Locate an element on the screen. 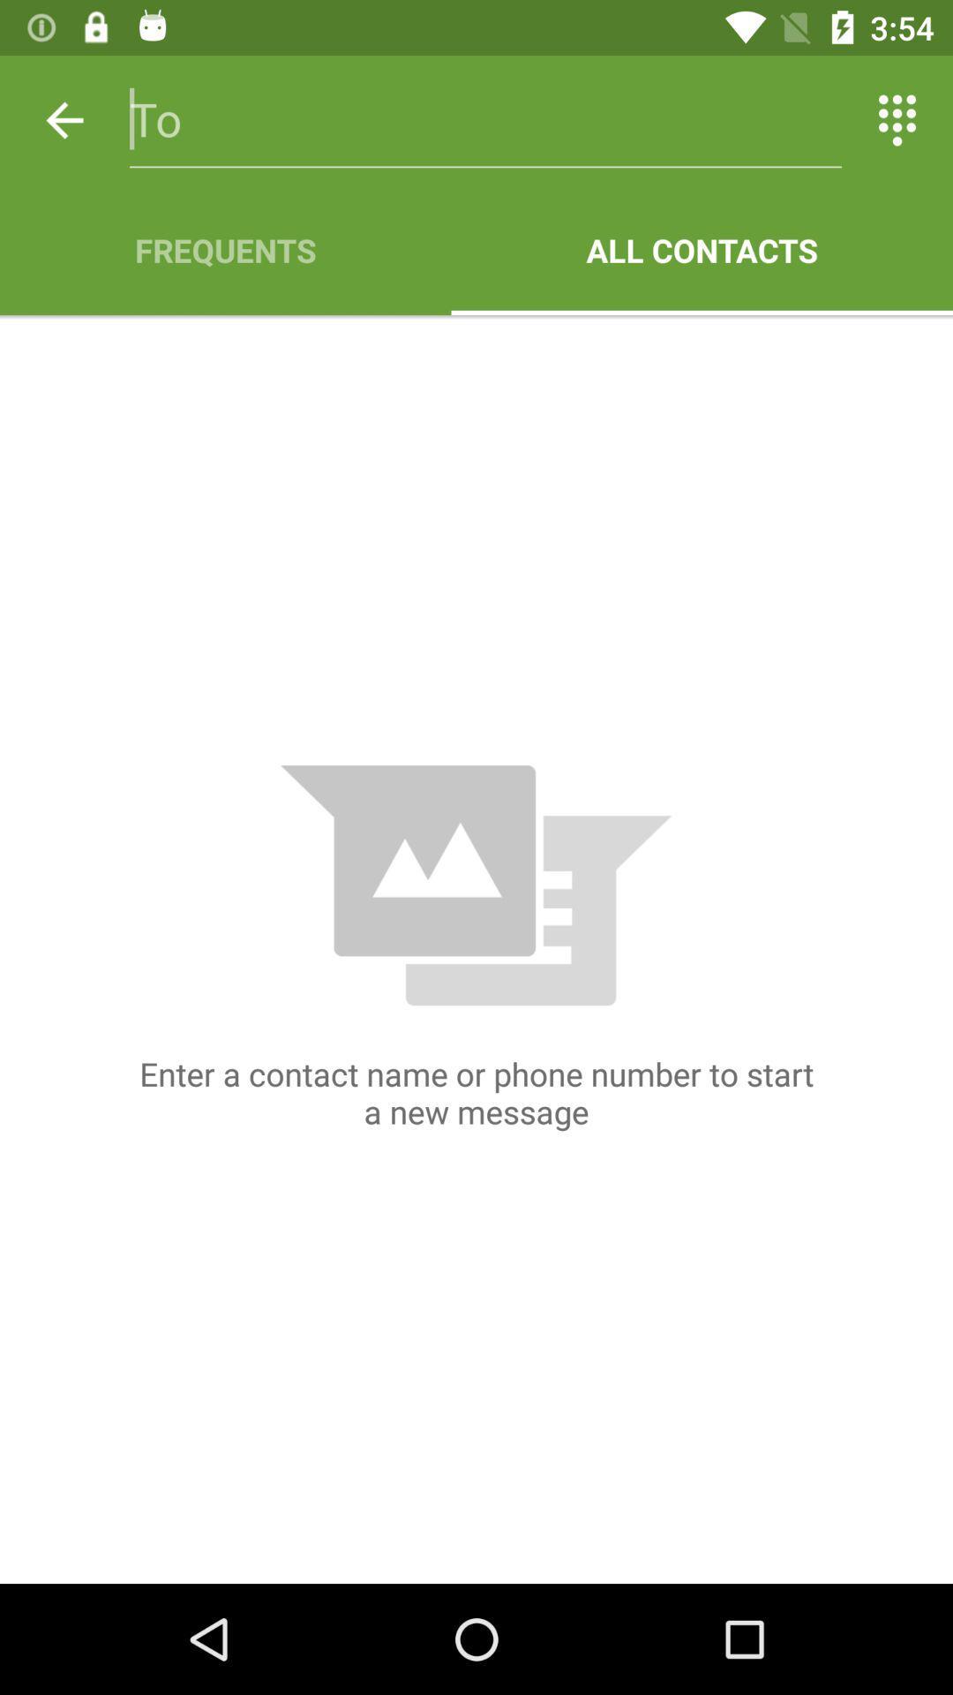 This screenshot has width=953, height=1695. icon above frequents icon is located at coordinates (64, 119).